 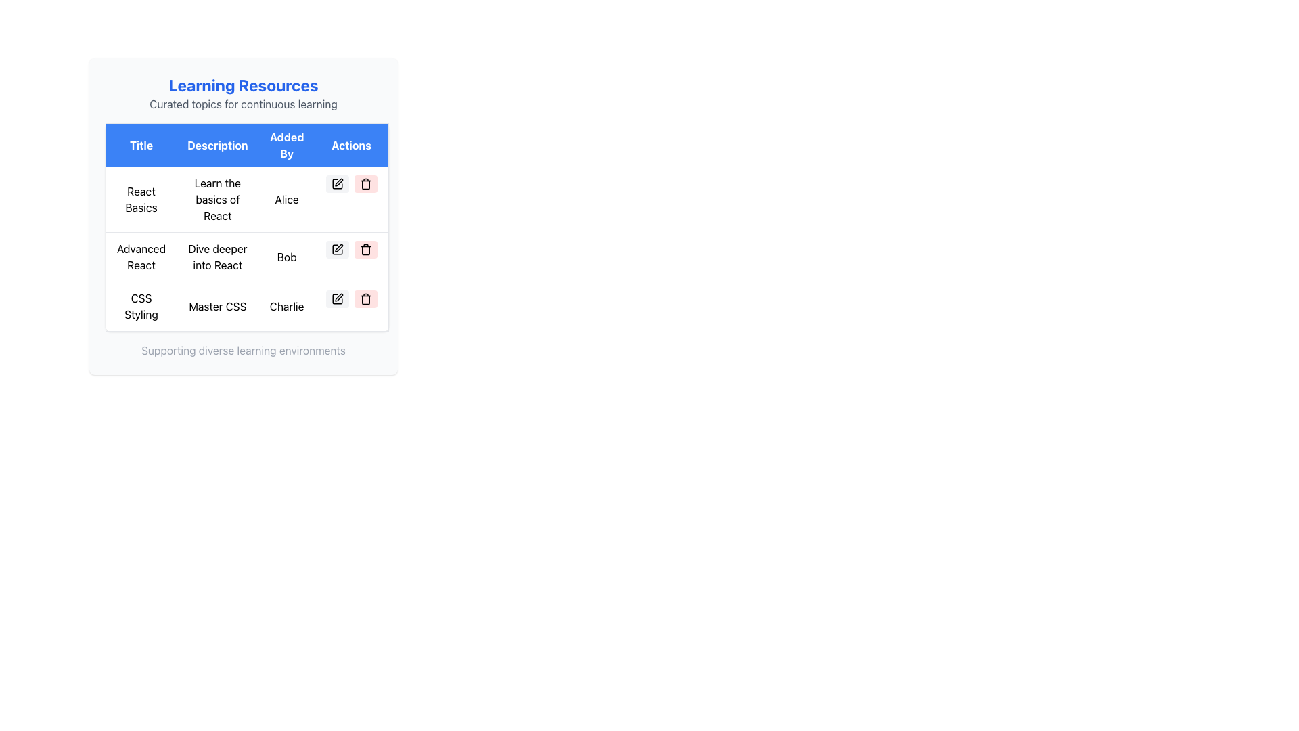 What do you see at coordinates (365, 299) in the screenshot?
I see `the trash can icon in the 'Actions' column of the third row of the table in the Learning Resources section` at bounding box center [365, 299].